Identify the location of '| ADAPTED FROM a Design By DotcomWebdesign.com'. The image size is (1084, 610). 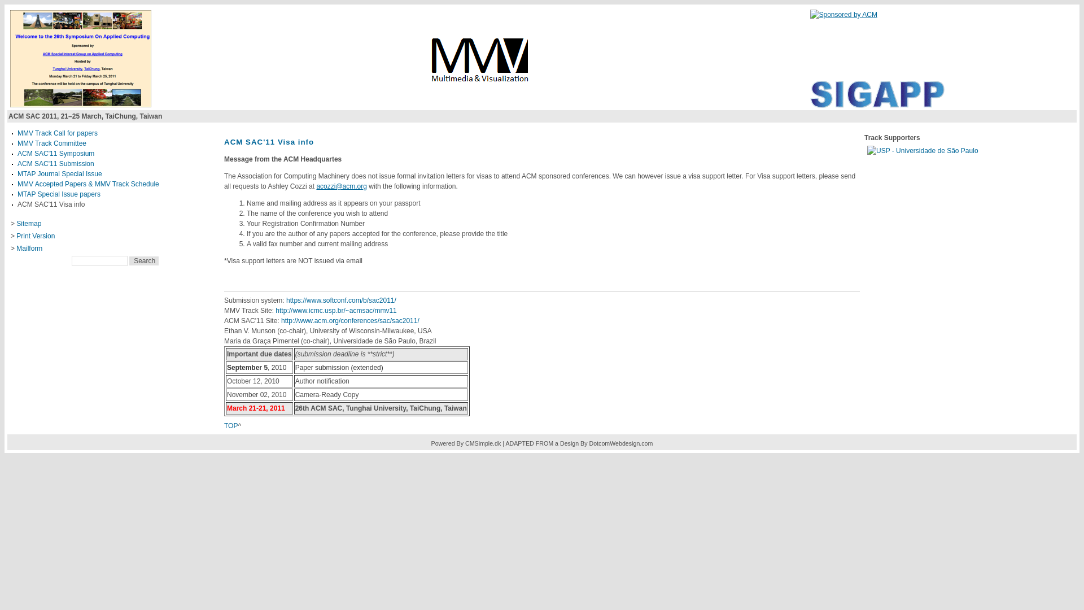
(501, 443).